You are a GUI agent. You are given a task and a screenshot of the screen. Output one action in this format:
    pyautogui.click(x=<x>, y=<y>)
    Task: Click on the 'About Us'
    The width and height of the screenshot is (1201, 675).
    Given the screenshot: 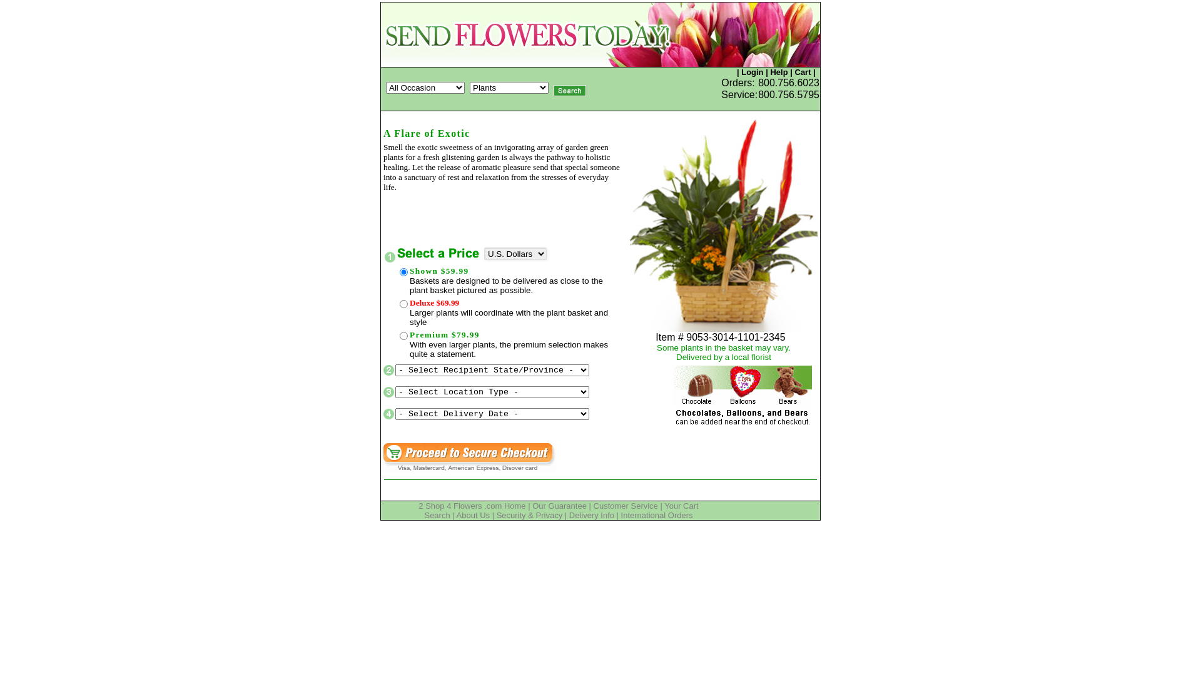 What is the action you would take?
    pyautogui.click(x=472, y=515)
    